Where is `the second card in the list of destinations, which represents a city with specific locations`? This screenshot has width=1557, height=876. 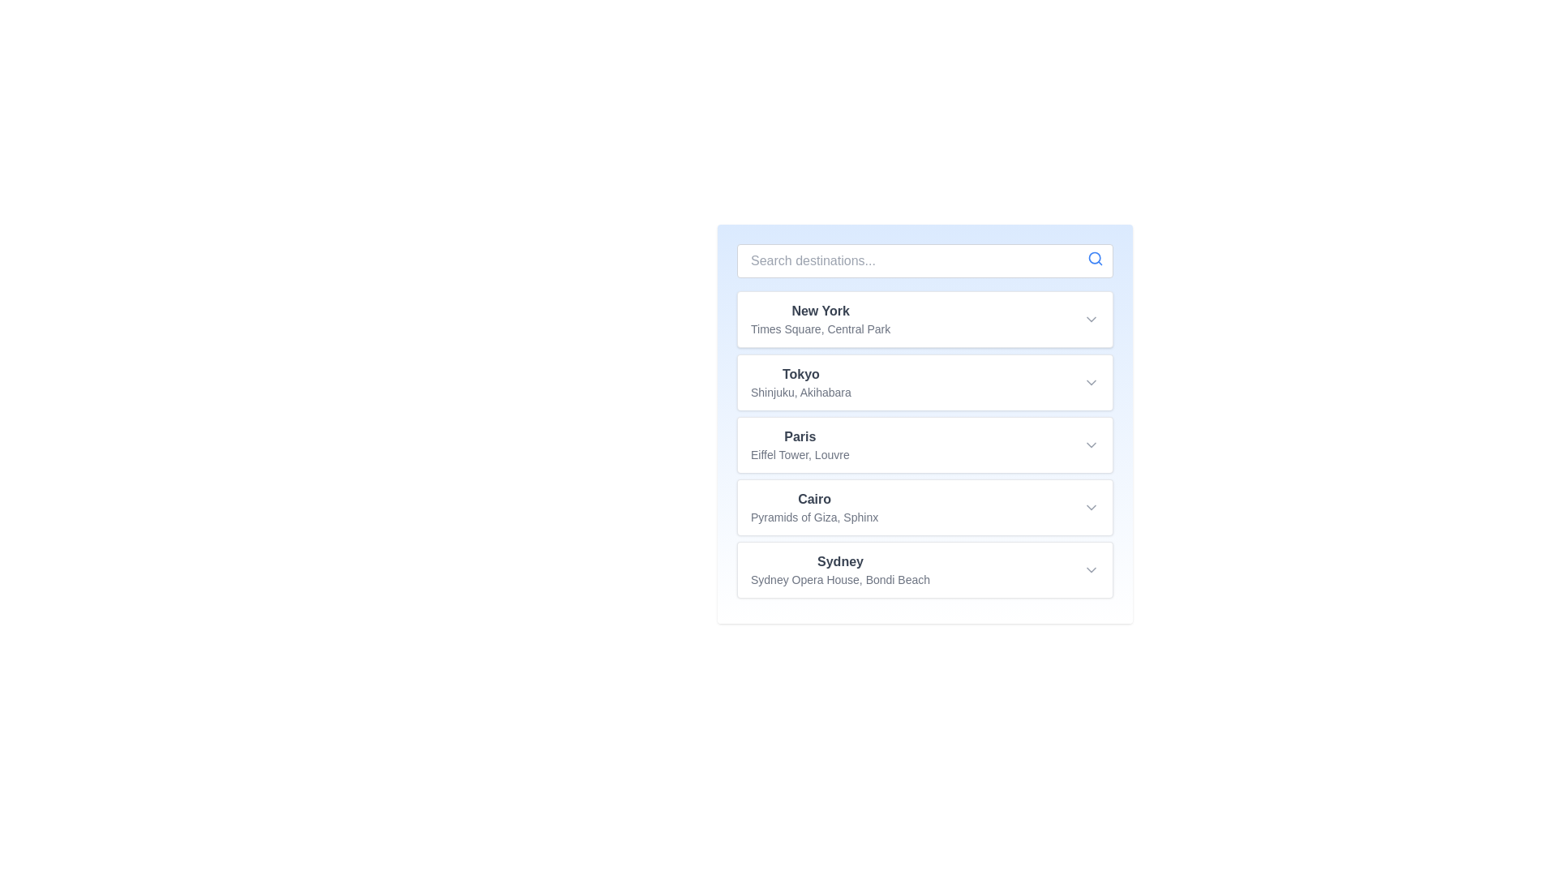 the second card in the list of destinations, which represents a city with specific locations is located at coordinates (925, 382).